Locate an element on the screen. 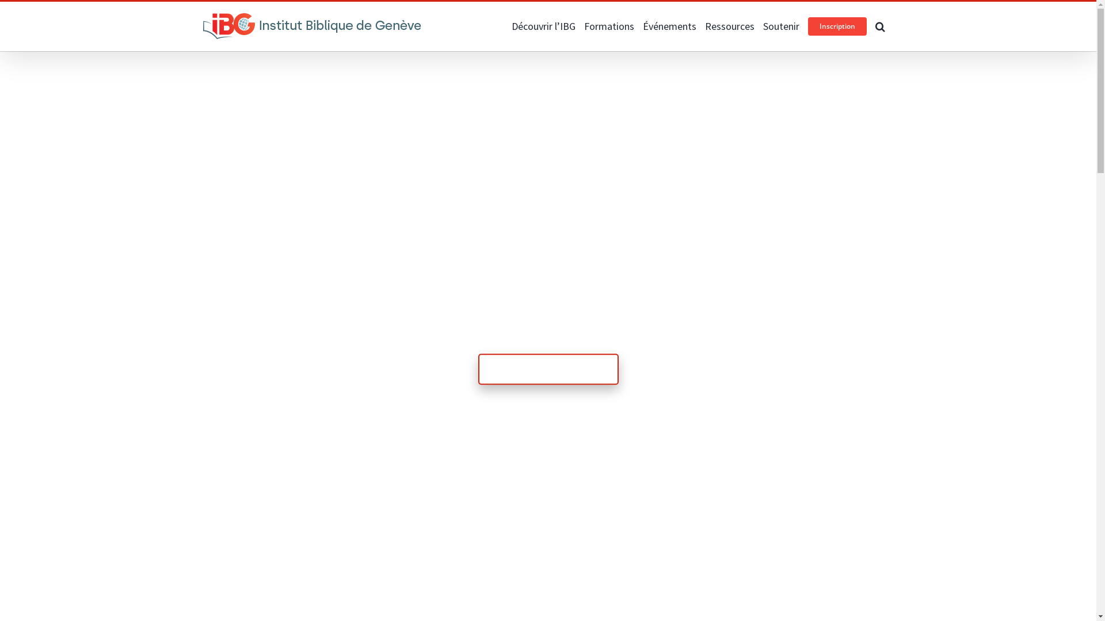 The image size is (1105, 621). 'Recherche' is located at coordinates (875, 26).